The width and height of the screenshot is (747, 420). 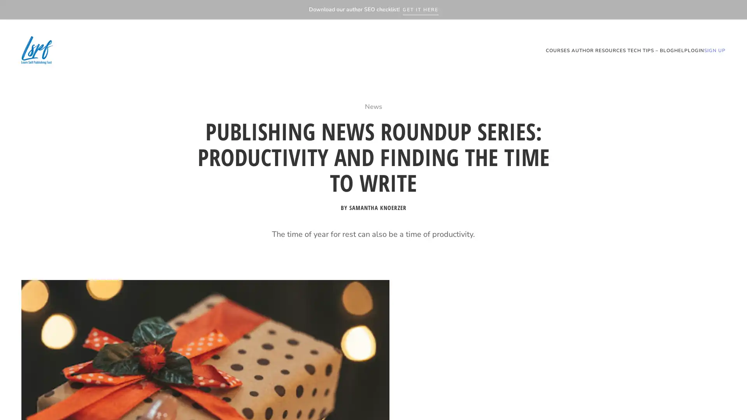 What do you see at coordinates (394, 172) in the screenshot?
I see `Get our SEO Checklist` at bounding box center [394, 172].